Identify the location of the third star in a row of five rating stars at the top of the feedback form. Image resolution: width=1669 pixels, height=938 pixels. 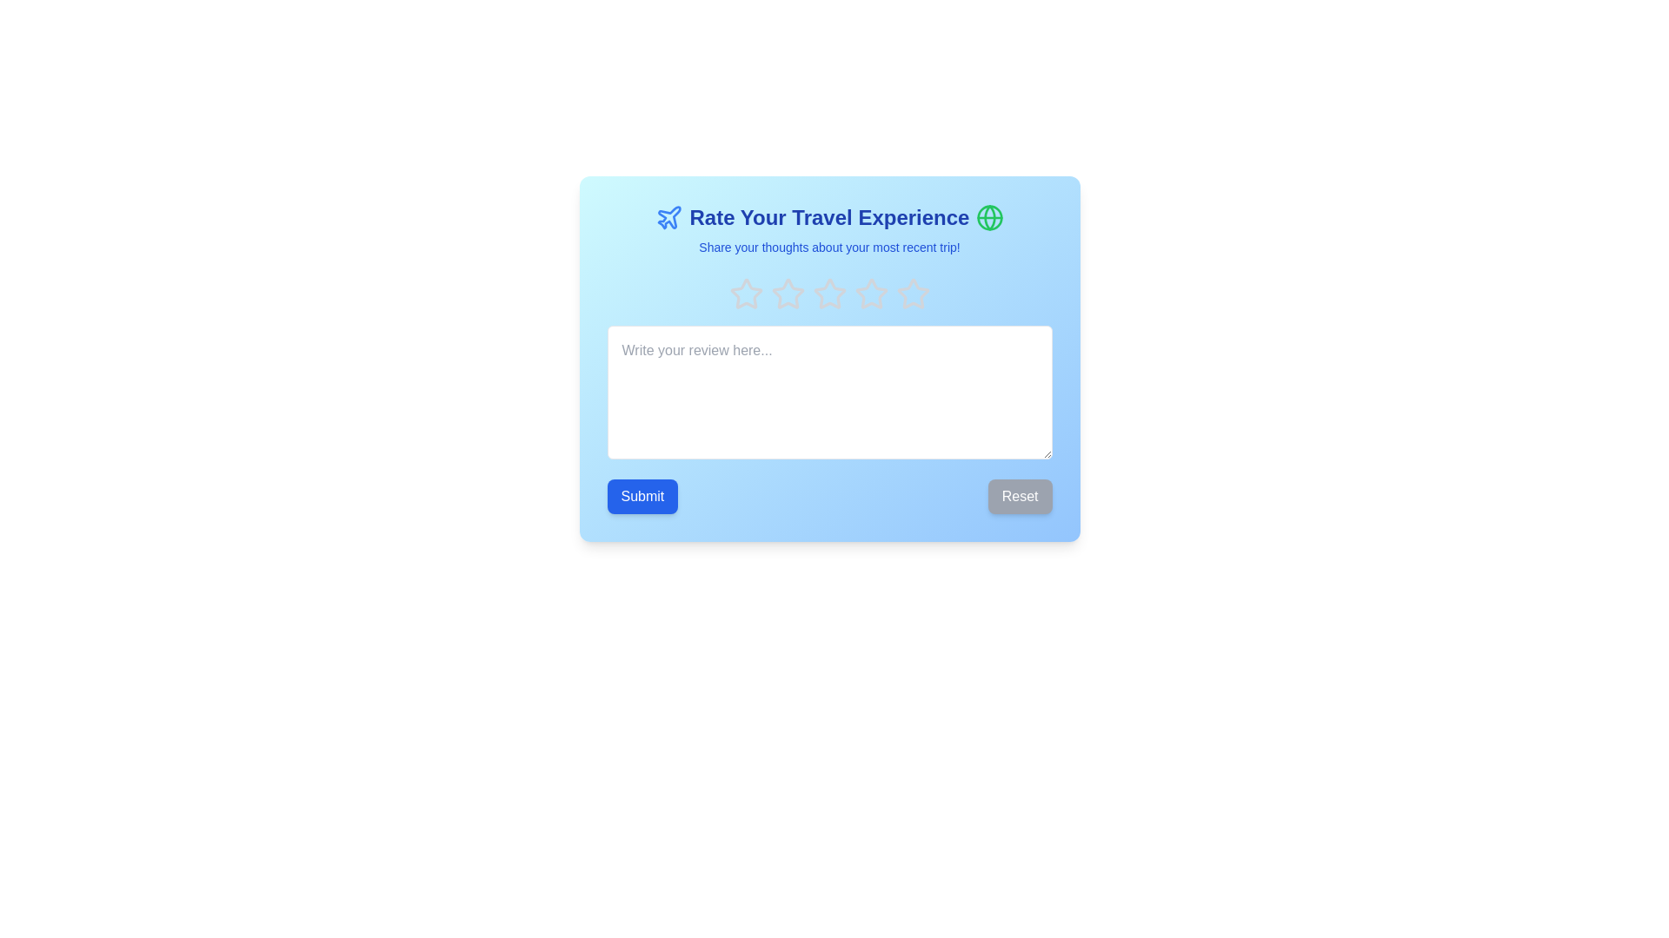
(828, 293).